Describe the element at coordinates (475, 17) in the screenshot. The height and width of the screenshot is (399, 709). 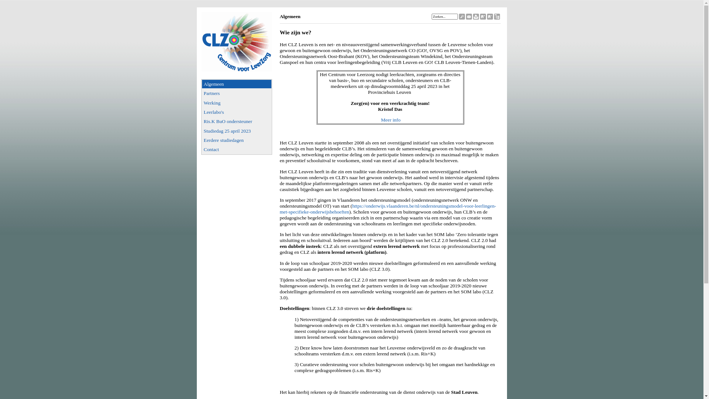
I see `'Printvriendelijke versie'` at that location.